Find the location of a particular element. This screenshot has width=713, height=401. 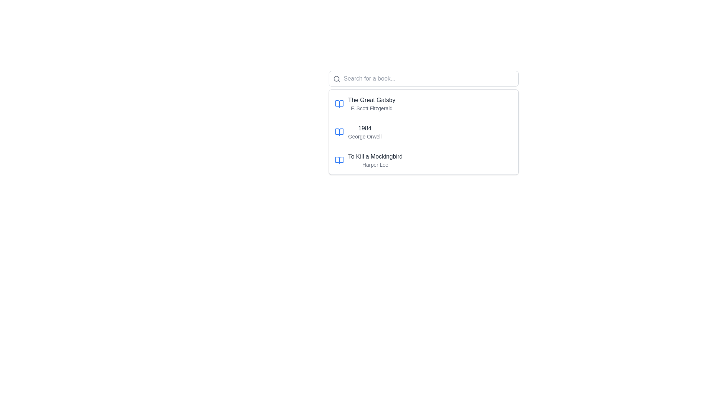

the second list item representing a book entry, which displays the book title and author is located at coordinates (423, 131).